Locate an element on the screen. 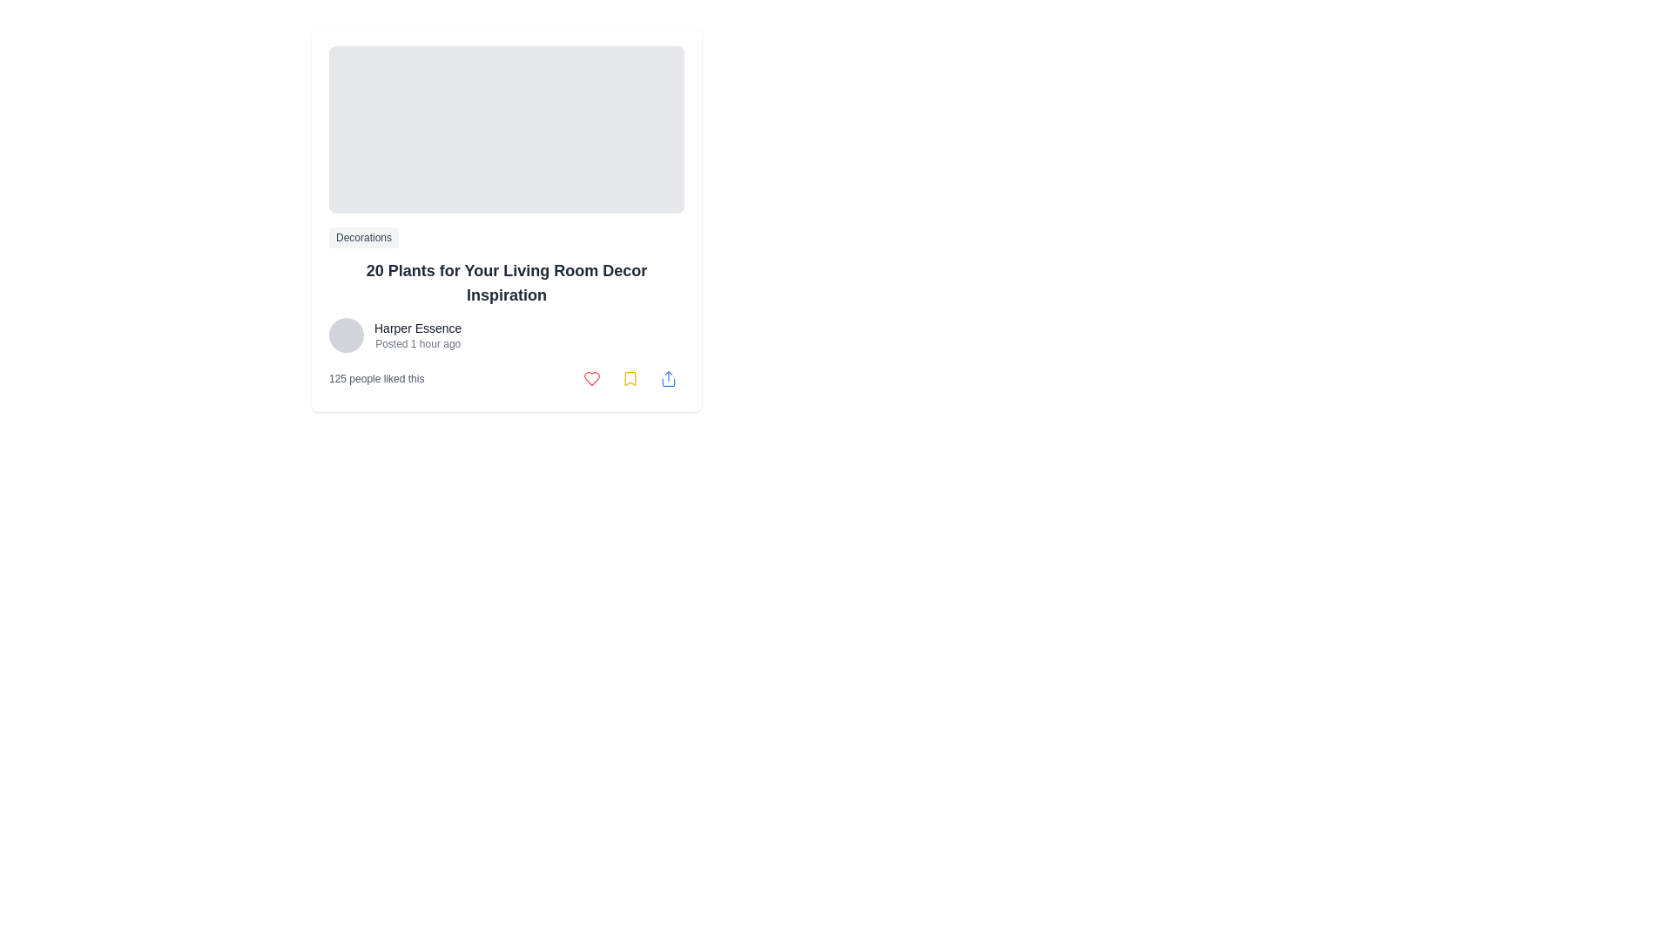  the heart-shaped icon button outlined in red, which is positioned directly below the number of likes and adjacent to other interactive icons is located at coordinates (592, 378).